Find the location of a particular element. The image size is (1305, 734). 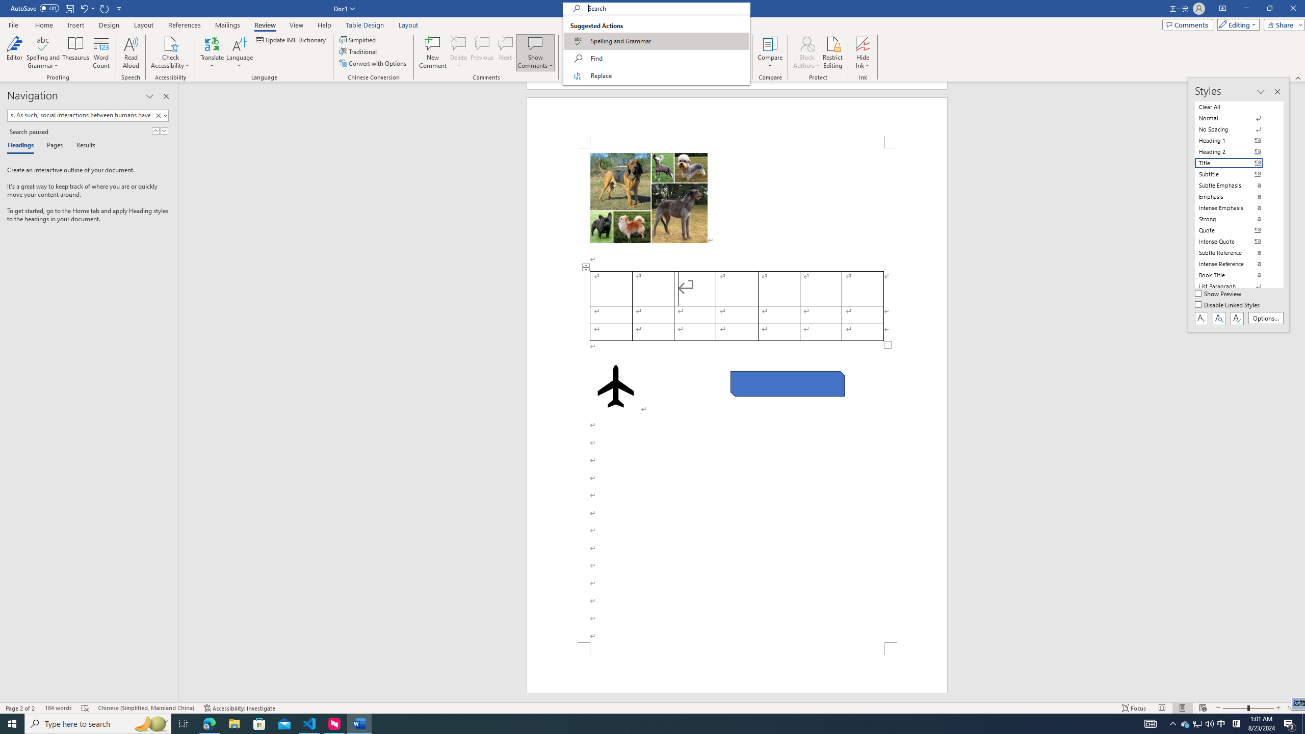

'Next Result' is located at coordinates (164, 130).